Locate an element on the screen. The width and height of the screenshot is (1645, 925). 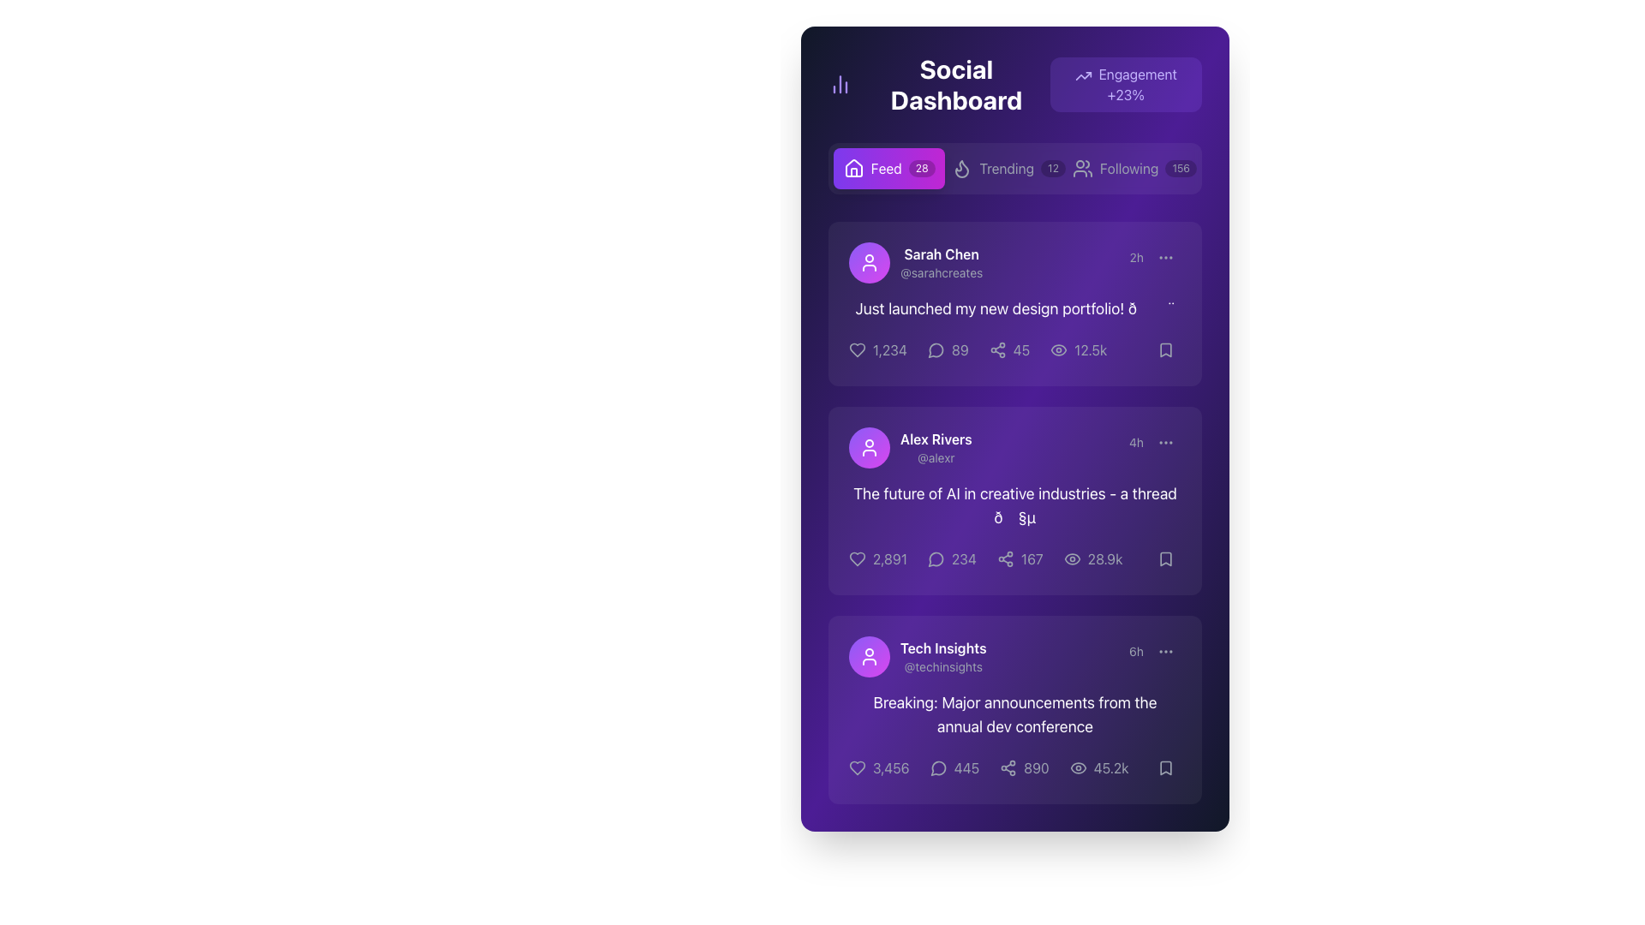
the options menu button located in the upper-right corner of the second content card for the post by 'Alex Rivers' is located at coordinates (1165, 441).